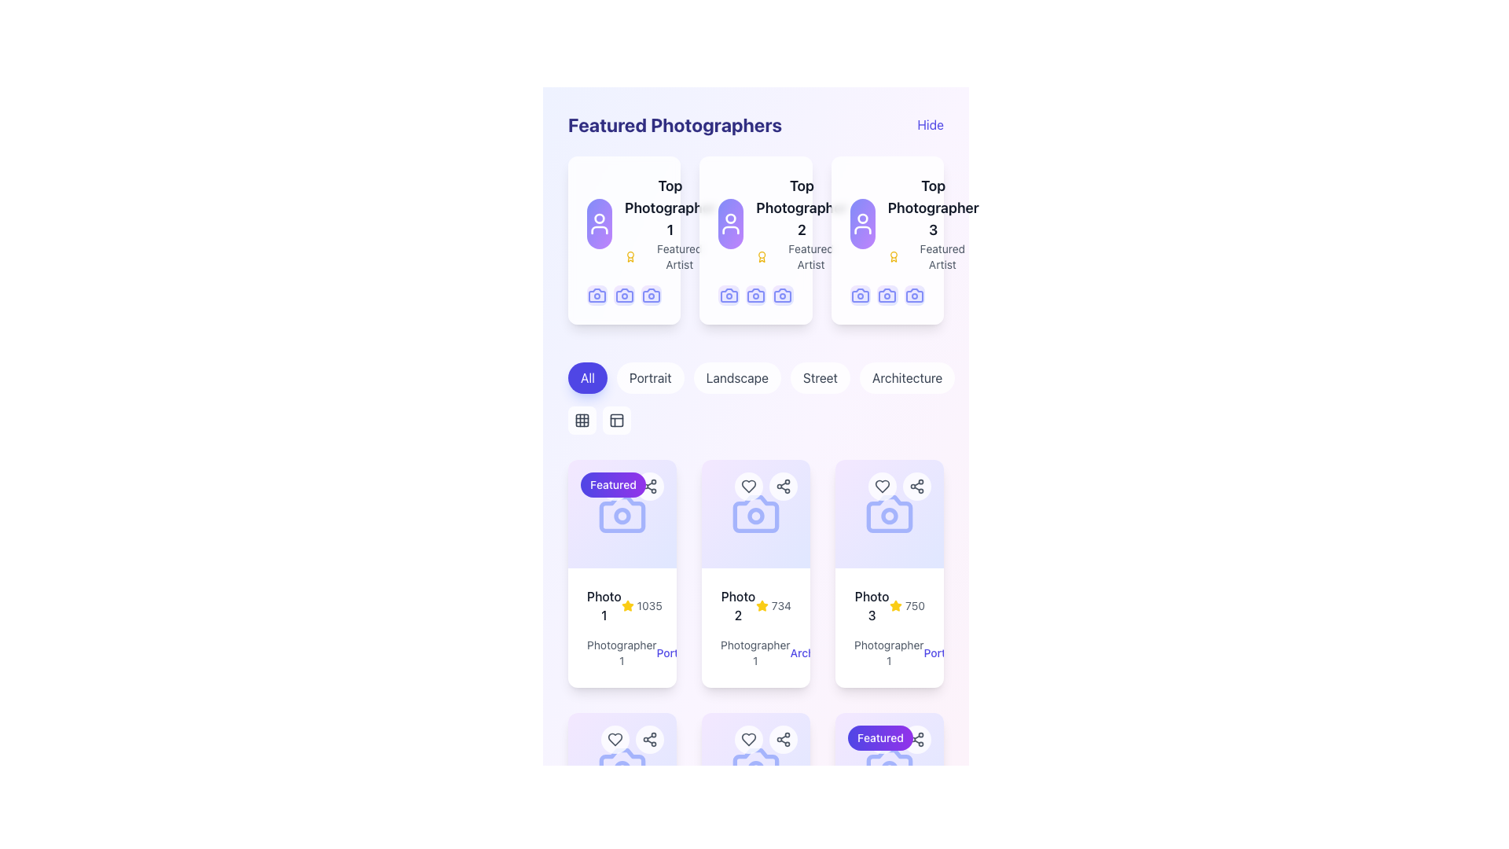  I want to click on the heart icon that serves as a 'like' toggle, located in the upper right corner of the third card in the second row of the grid, so click(614, 740).